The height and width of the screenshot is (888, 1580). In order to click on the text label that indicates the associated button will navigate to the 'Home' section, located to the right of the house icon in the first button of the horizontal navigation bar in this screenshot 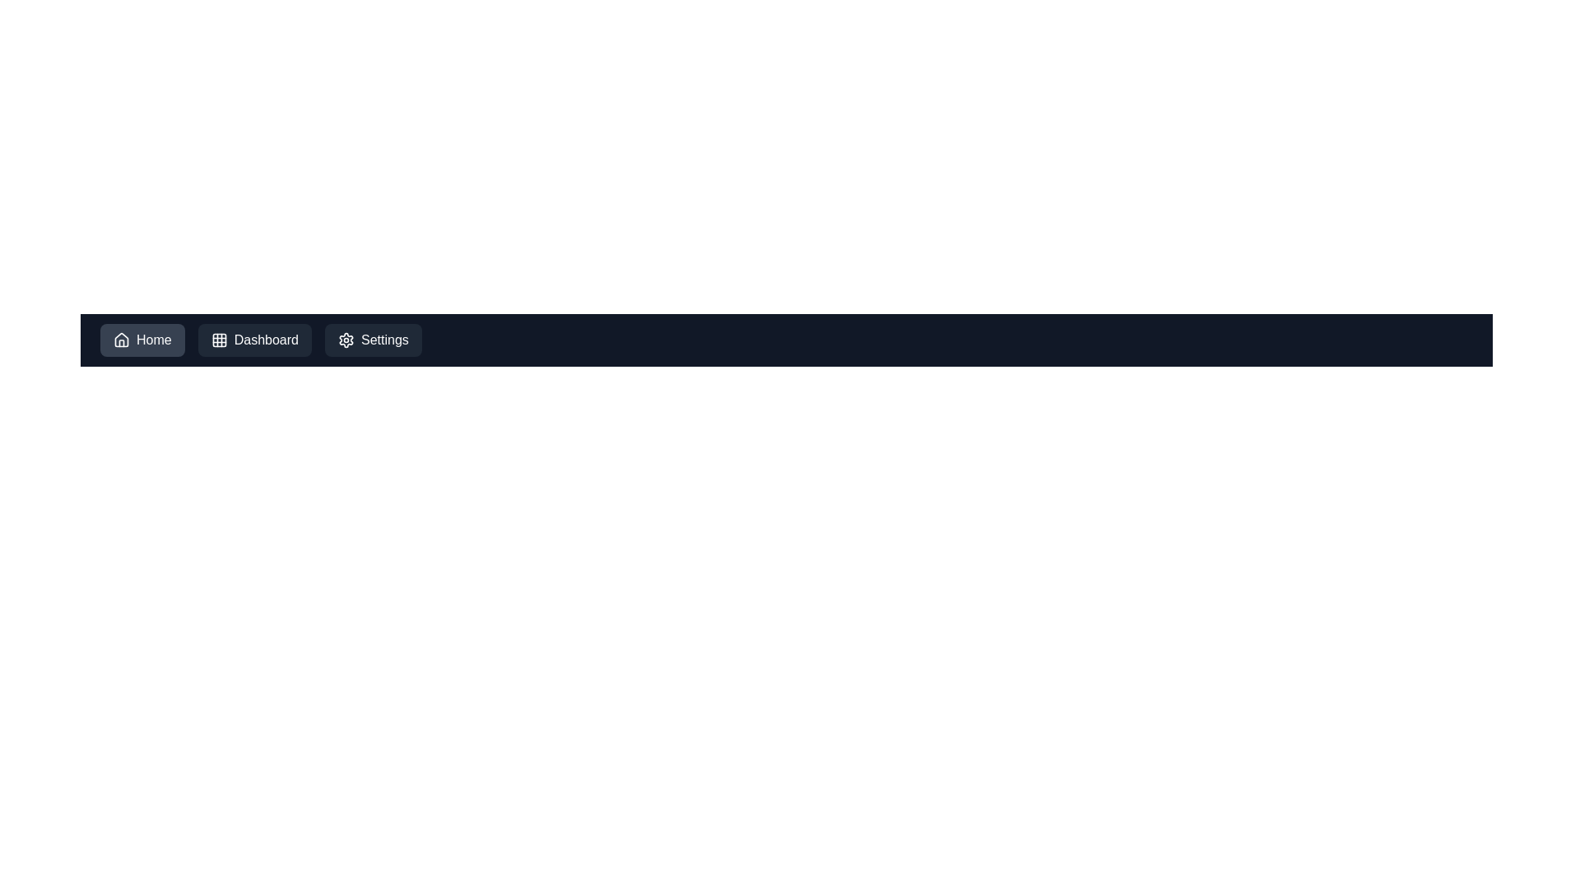, I will do `click(154, 339)`.